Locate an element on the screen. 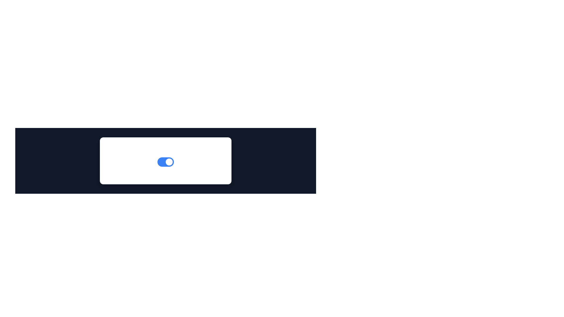 The height and width of the screenshot is (317, 564). the toggle switch position is located at coordinates (162, 162).